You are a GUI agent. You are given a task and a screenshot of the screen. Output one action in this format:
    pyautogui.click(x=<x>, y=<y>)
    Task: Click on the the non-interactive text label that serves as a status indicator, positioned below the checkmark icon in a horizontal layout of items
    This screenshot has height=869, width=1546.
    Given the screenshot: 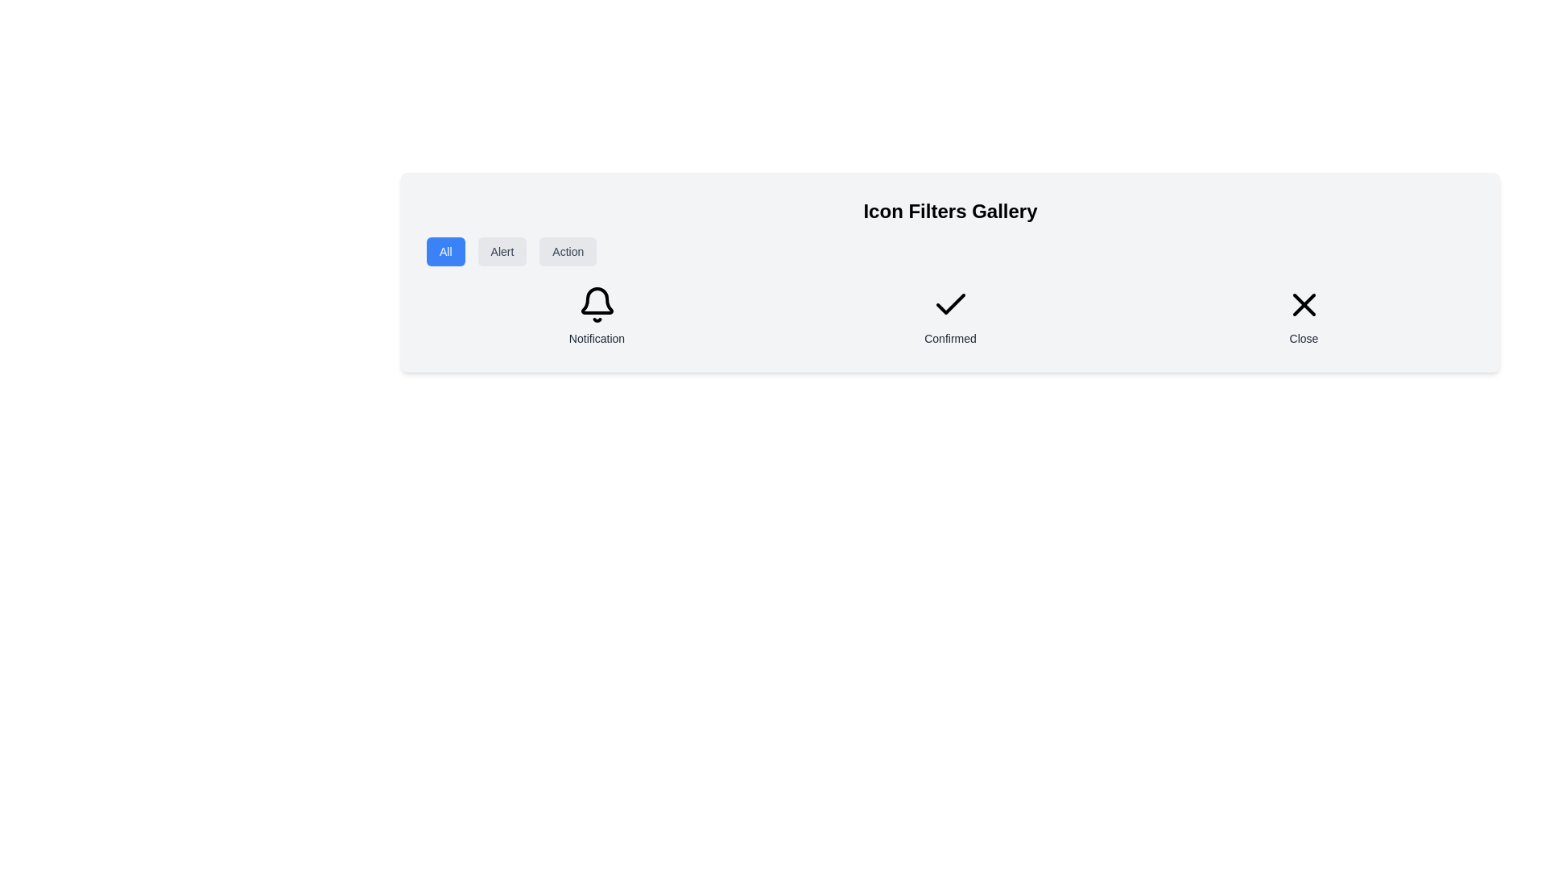 What is the action you would take?
    pyautogui.click(x=950, y=337)
    